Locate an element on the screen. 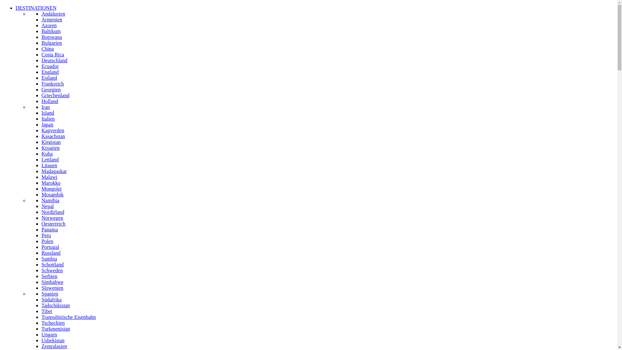 The height and width of the screenshot is (350, 622). 'Kuba' is located at coordinates (47, 154).